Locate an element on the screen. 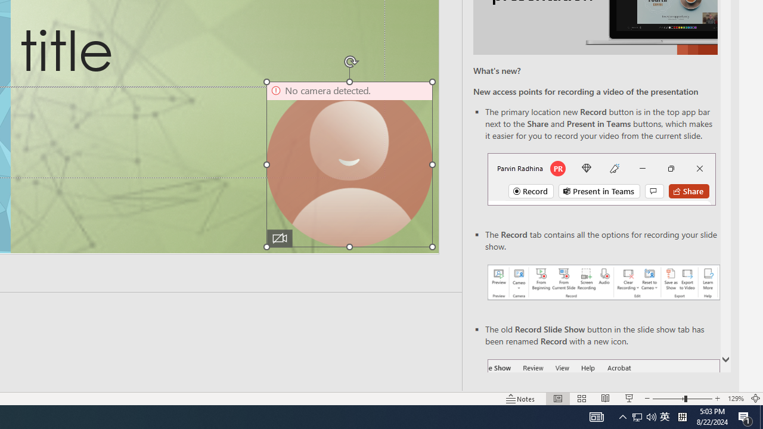 Image resolution: width=763 pixels, height=429 pixels. 'Zoom to Fit ' is located at coordinates (755, 399).